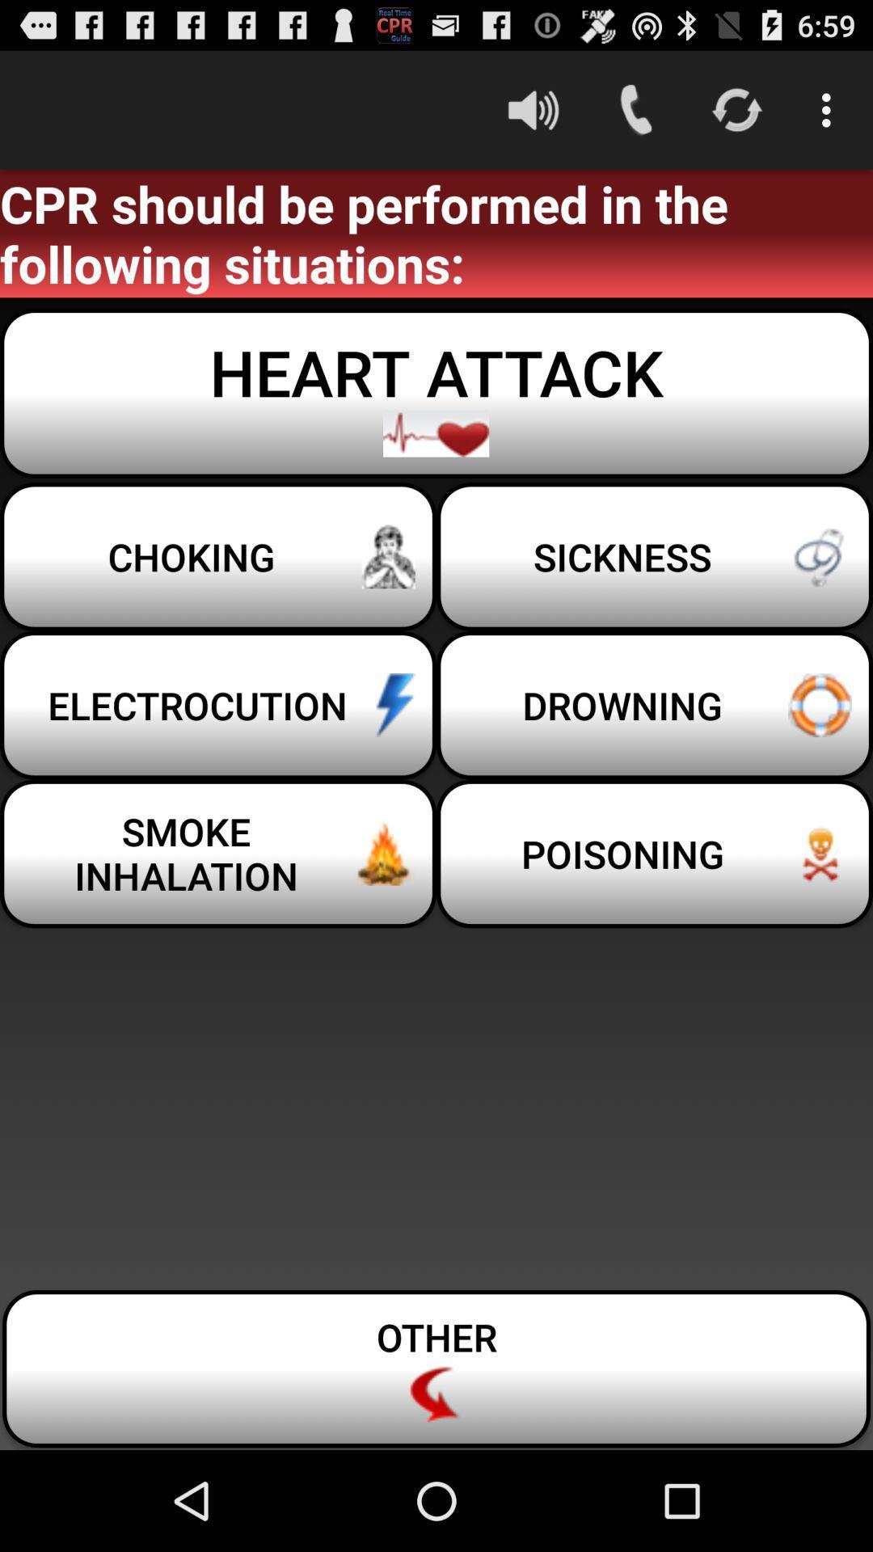 This screenshot has height=1552, width=873. I want to click on the button to the right of the choking button, so click(655, 705).